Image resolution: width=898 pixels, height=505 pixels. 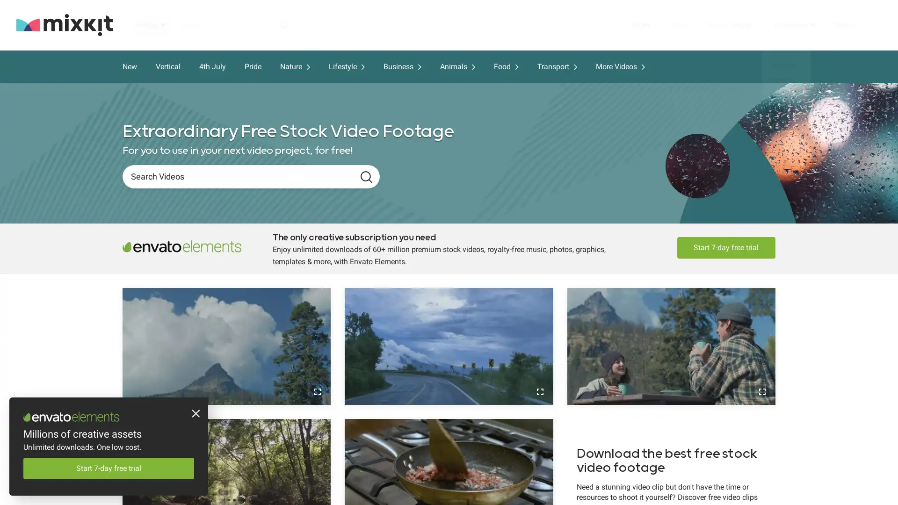 I want to click on Search, so click(x=366, y=177).